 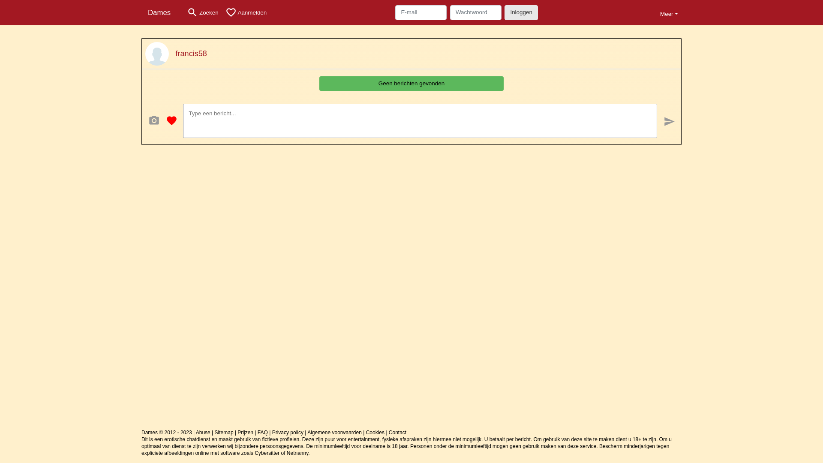 What do you see at coordinates (245, 433) in the screenshot?
I see `'Prijzen'` at bounding box center [245, 433].